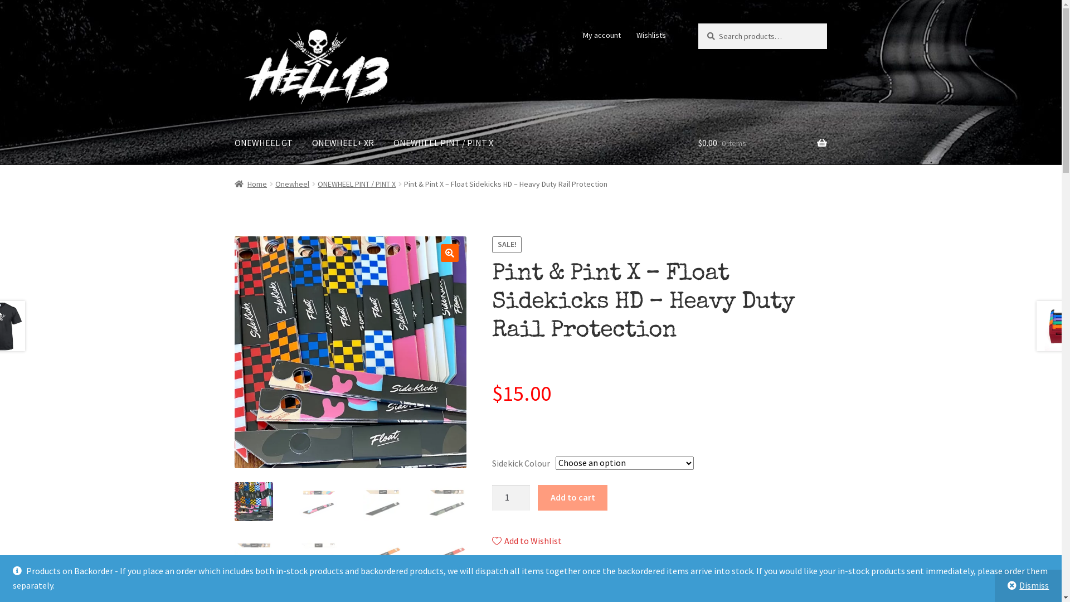  Describe the element at coordinates (292, 183) in the screenshot. I see `'Onewheel'` at that location.